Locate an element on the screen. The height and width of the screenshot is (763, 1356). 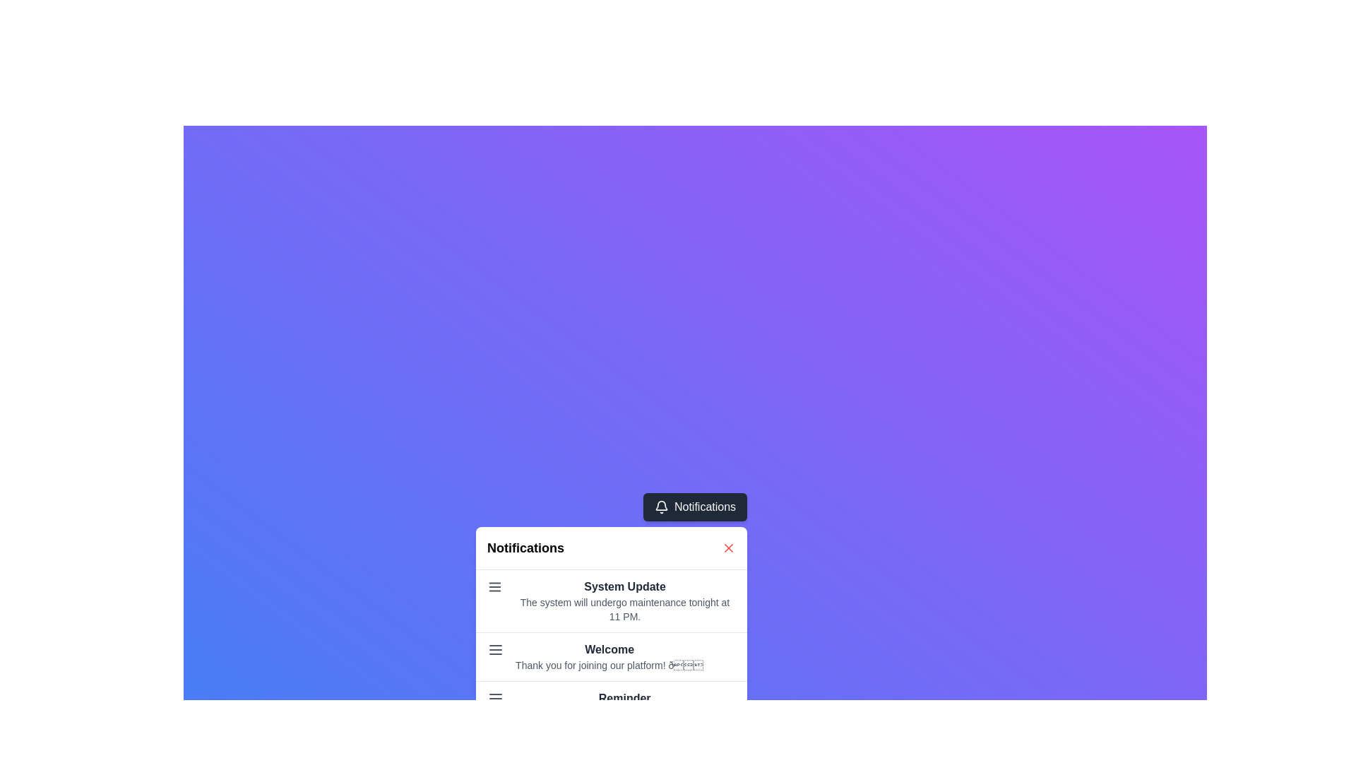
the text block reading 'Thank you for joining our platform! 🎉' which is located below the 'Welcome' title in the notification list is located at coordinates (609, 665).